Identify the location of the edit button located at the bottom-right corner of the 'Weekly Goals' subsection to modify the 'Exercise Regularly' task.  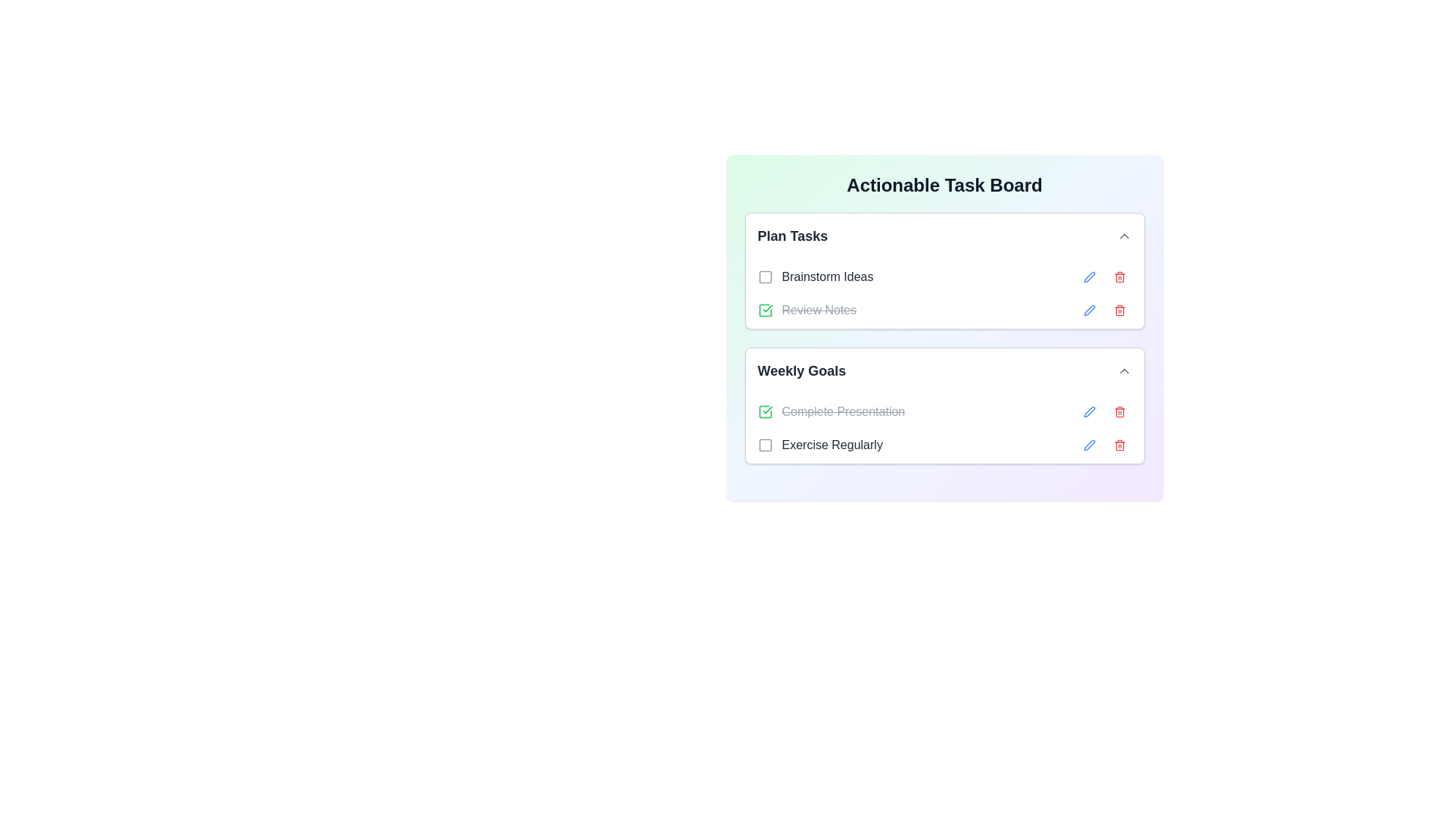
(1088, 444).